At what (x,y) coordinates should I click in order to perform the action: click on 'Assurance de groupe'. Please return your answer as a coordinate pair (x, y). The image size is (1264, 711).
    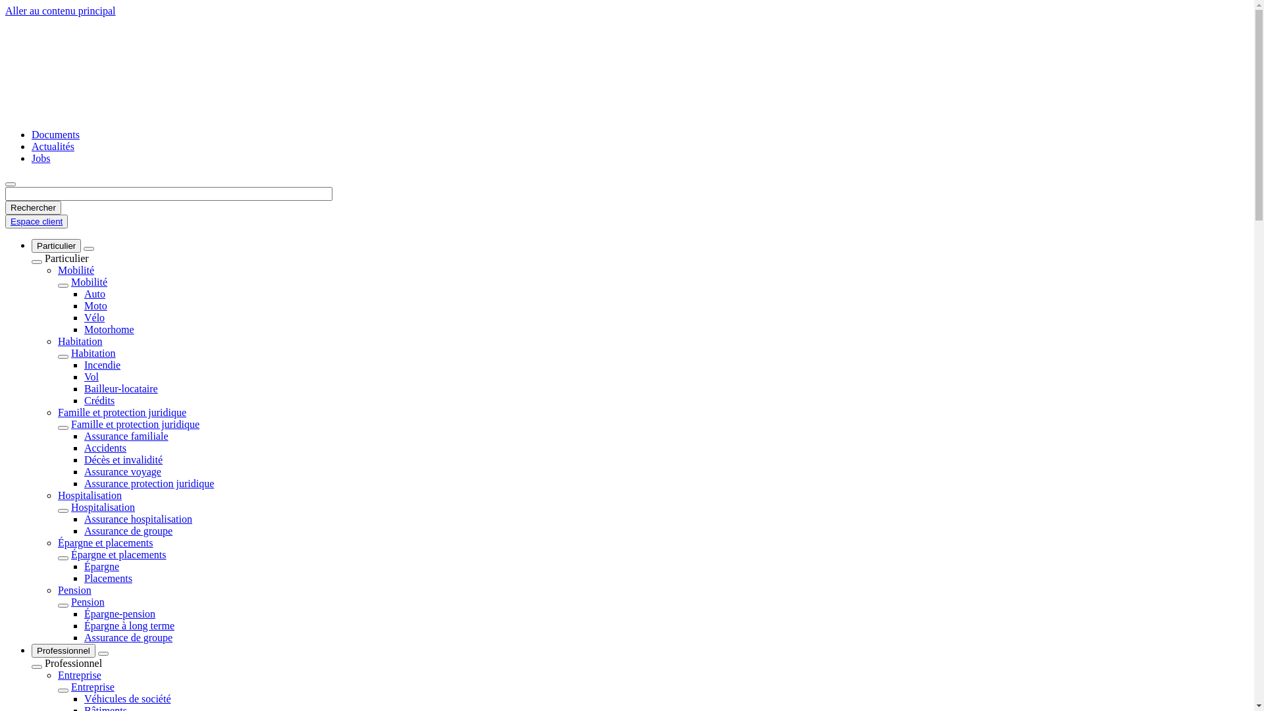
    Looking at the image, I should click on (128, 530).